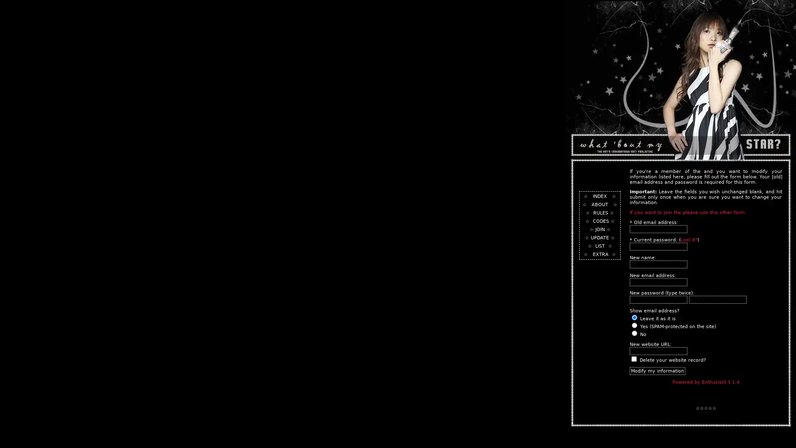 The image size is (796, 448). What do you see at coordinates (657, 370) in the screenshot?
I see `Modify my information` at bounding box center [657, 370].